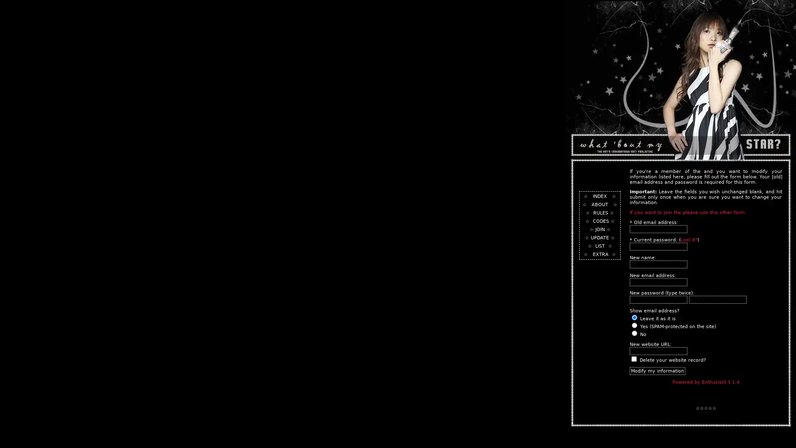 The image size is (796, 448). What do you see at coordinates (657, 370) in the screenshot?
I see `Modify my information` at bounding box center [657, 370].